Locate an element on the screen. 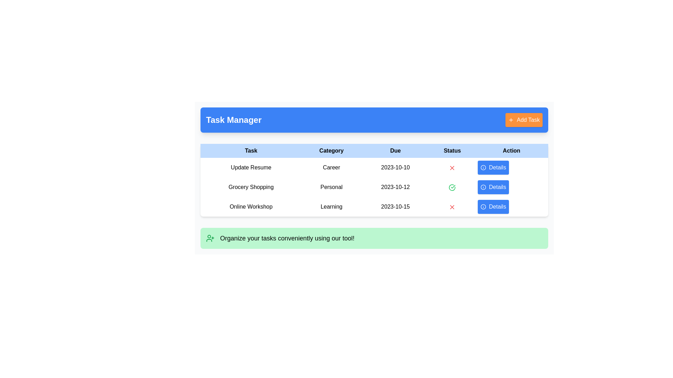  the plus icon on the 'Add Task' button is located at coordinates (511, 120).